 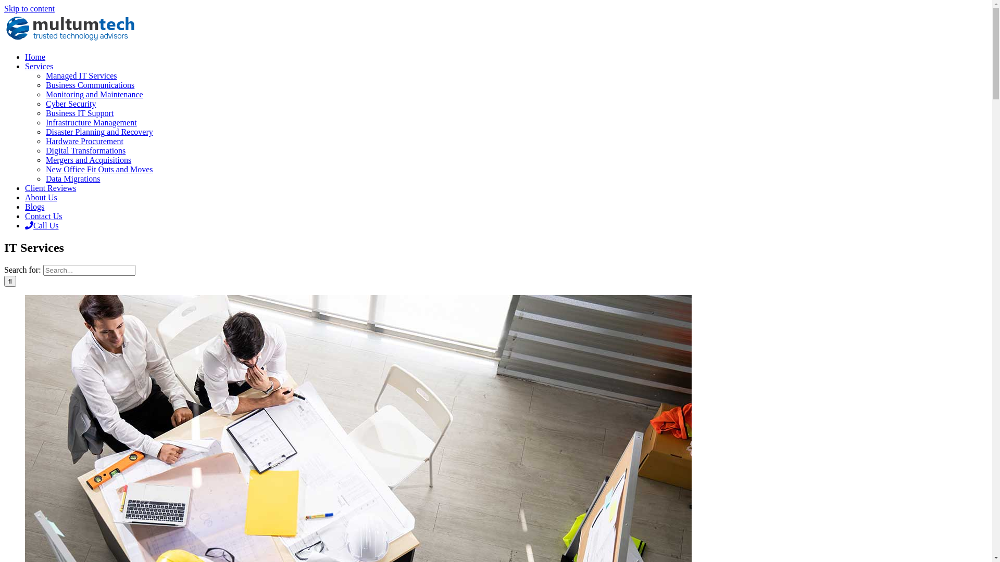 I want to click on 'Business Communications', so click(x=90, y=84).